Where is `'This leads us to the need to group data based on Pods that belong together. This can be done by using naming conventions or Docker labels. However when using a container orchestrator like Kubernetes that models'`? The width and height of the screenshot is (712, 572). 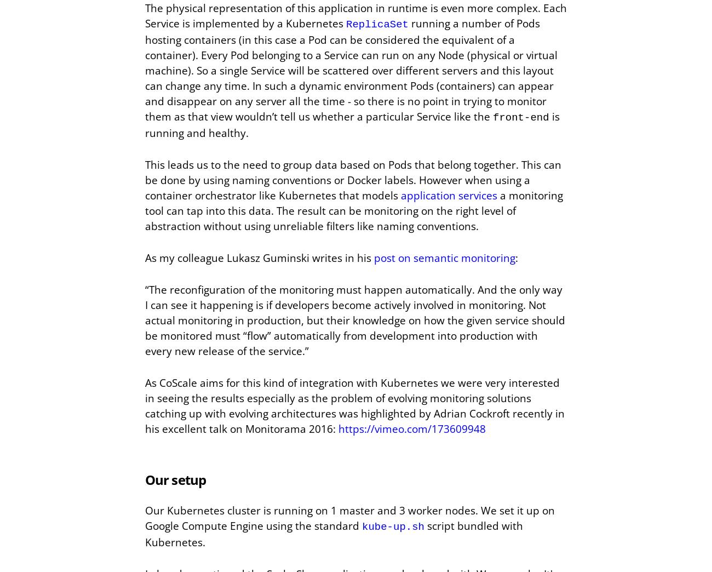 'This leads us to the need to group data based on Pods that belong together. This can be done by using naming conventions or Docker labels. However when using a container orchestrator like Kubernetes that models' is located at coordinates (353, 180).